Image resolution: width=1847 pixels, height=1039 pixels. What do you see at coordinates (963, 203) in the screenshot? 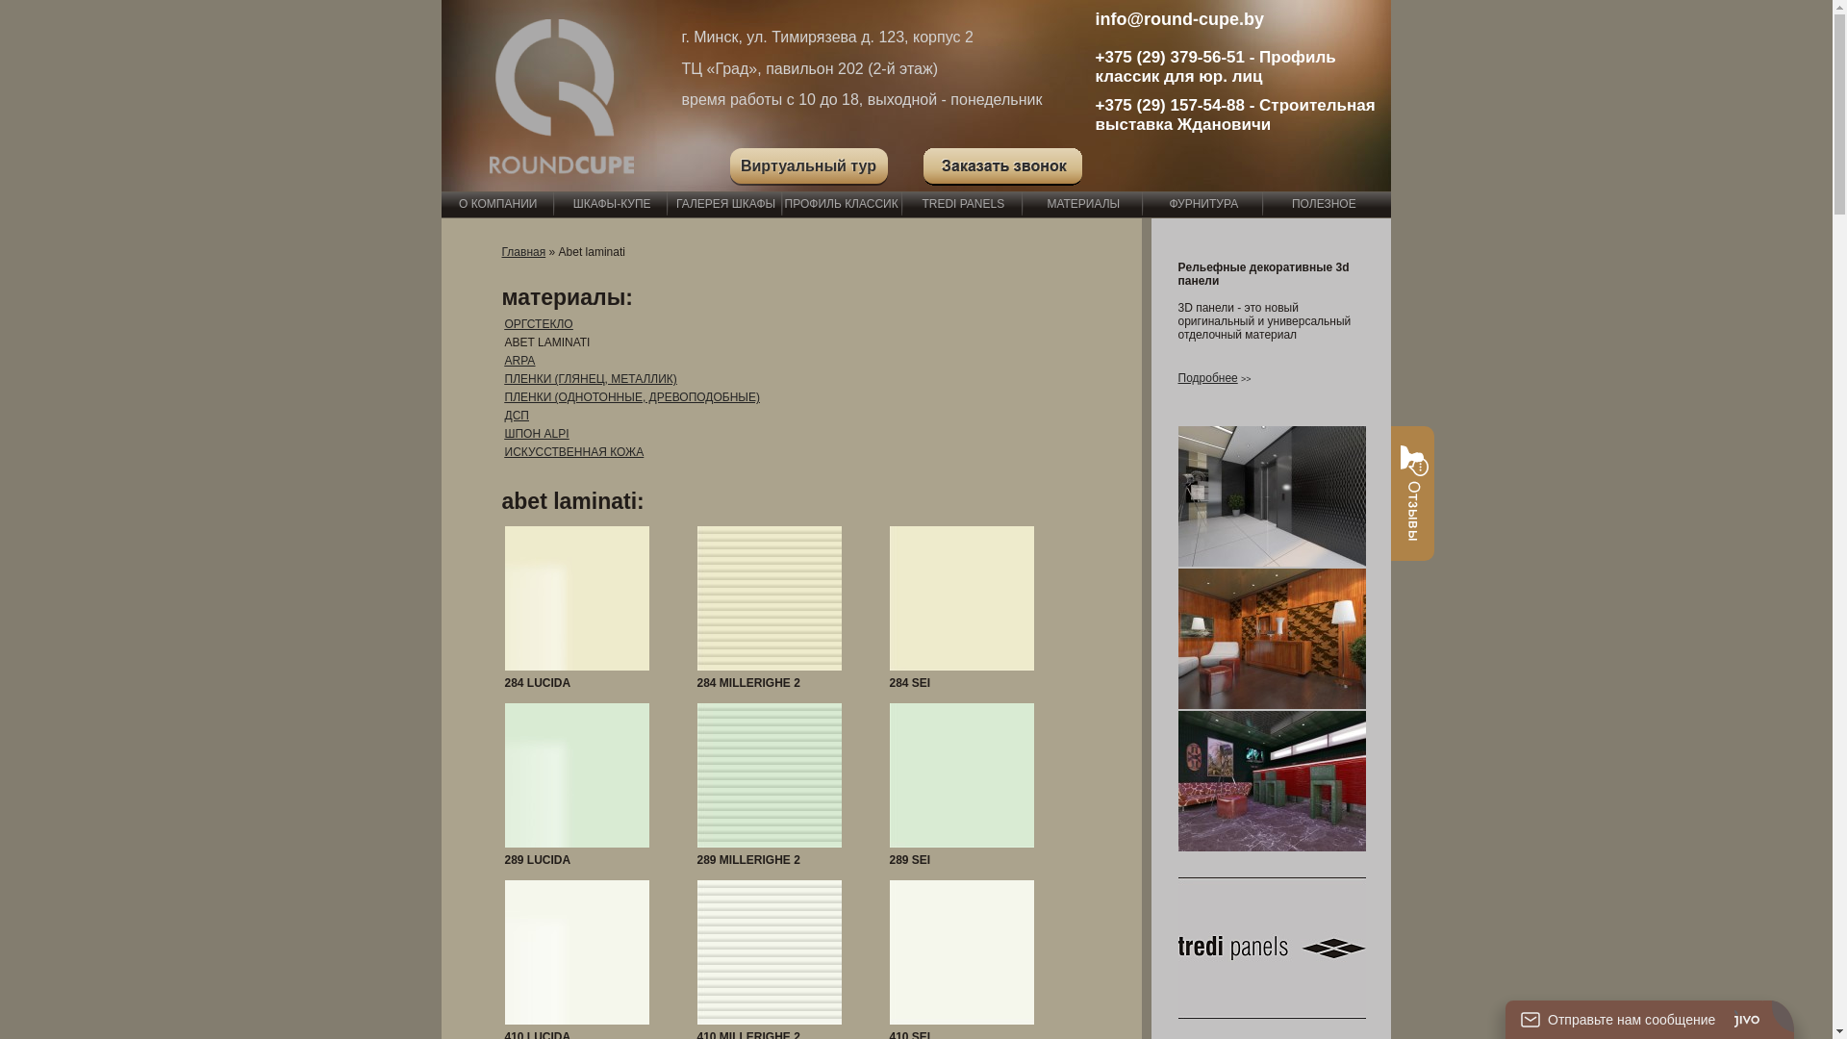
I see `'TREDI PANELS'` at bounding box center [963, 203].